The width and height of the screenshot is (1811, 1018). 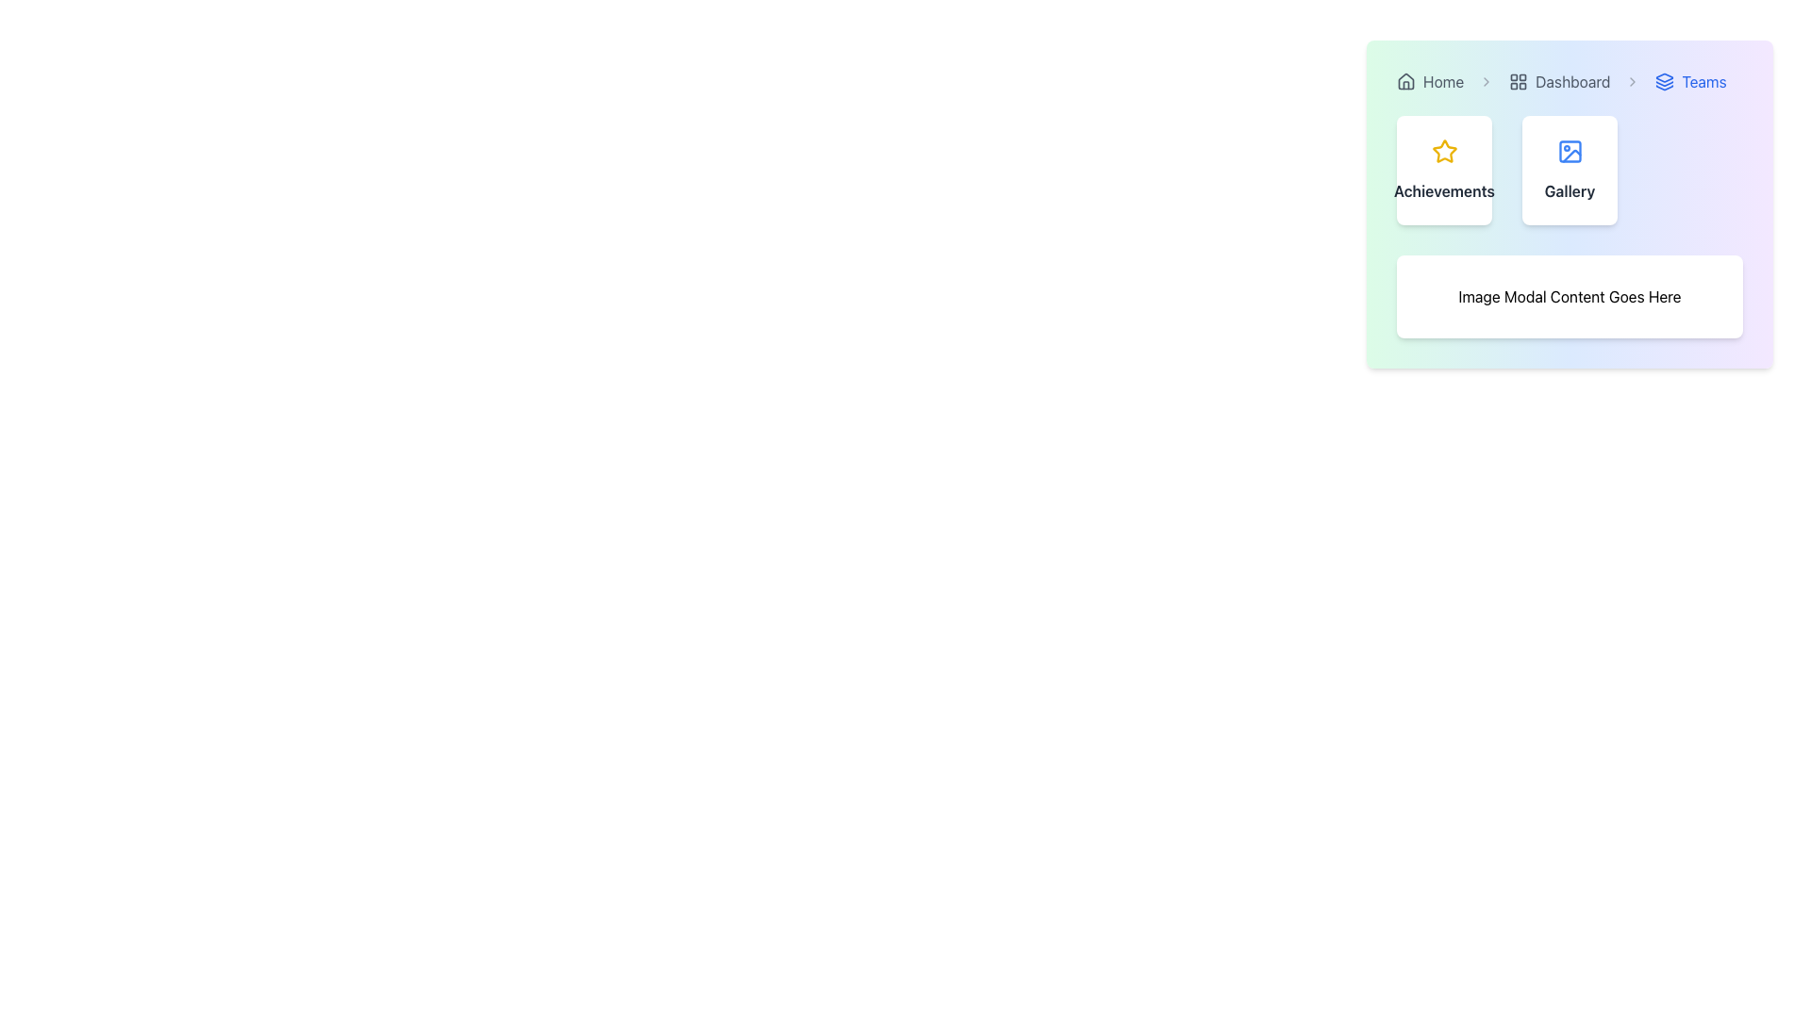 I want to click on the leftmost card representing 'Achievements' in the application, so click(x=1443, y=171).